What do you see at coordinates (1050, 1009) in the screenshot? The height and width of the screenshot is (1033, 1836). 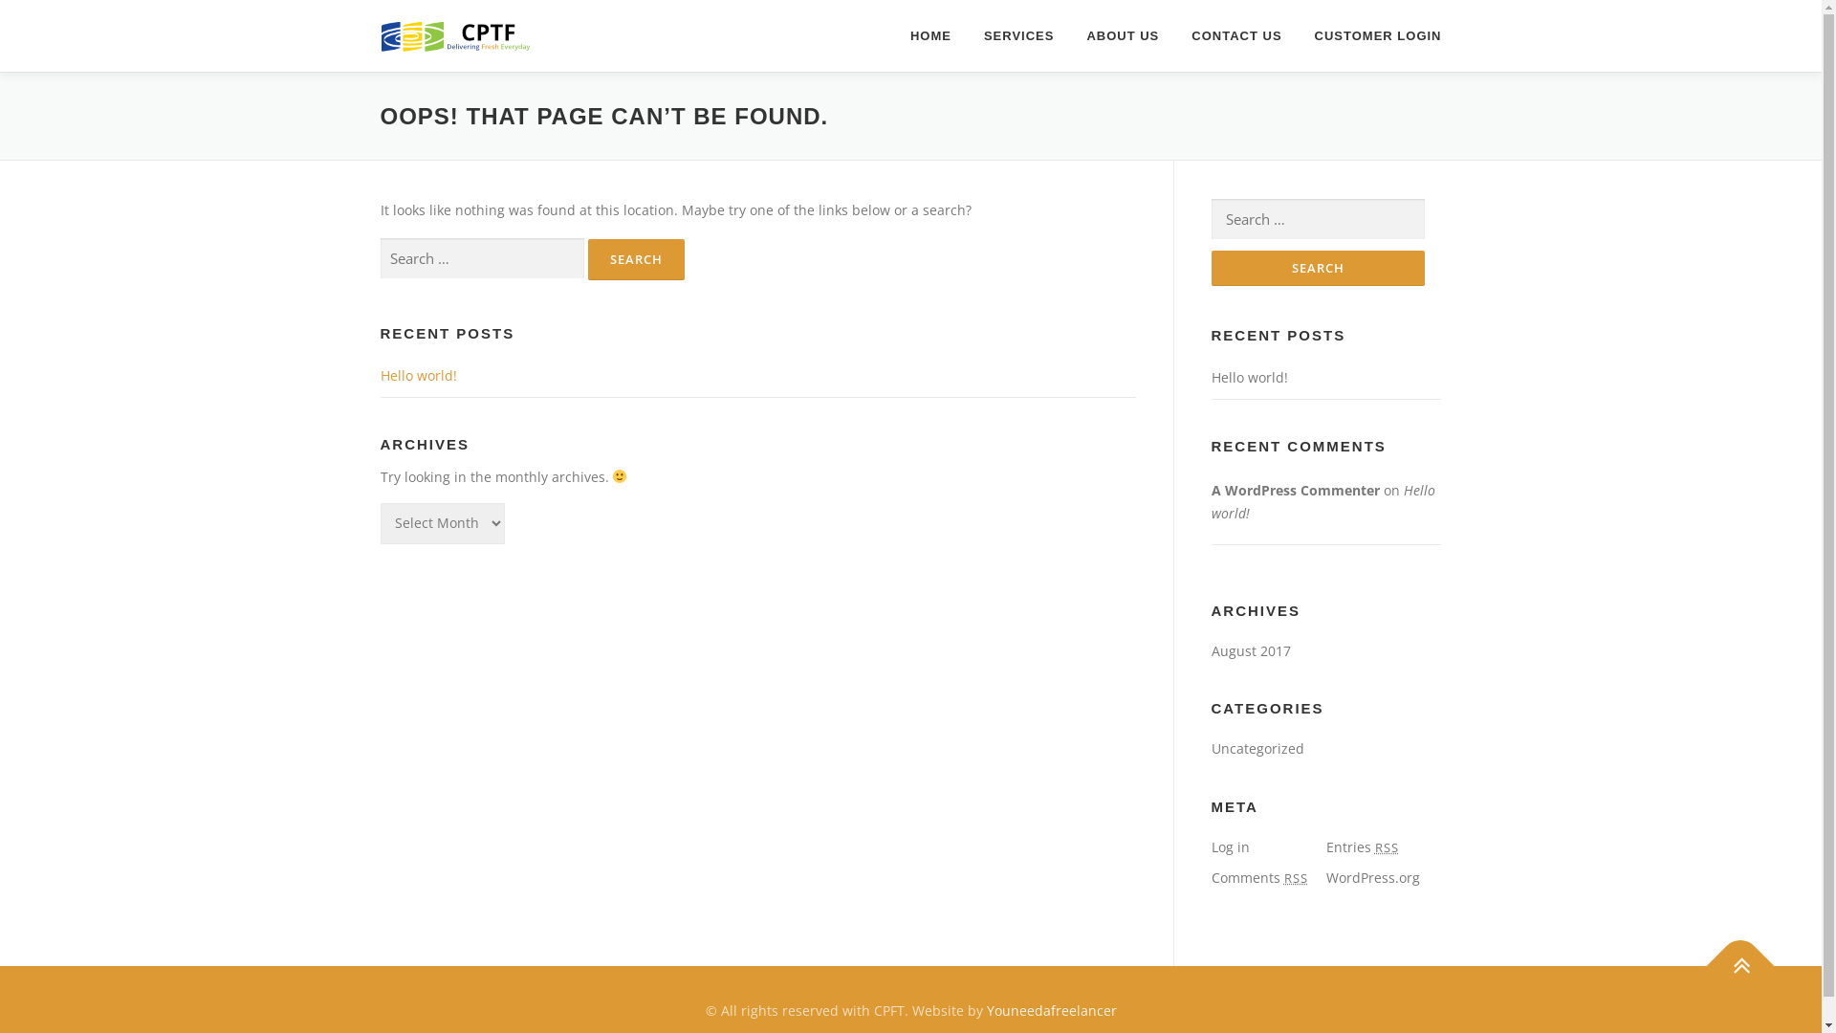 I see `'Youneedafreelancer'` at bounding box center [1050, 1009].